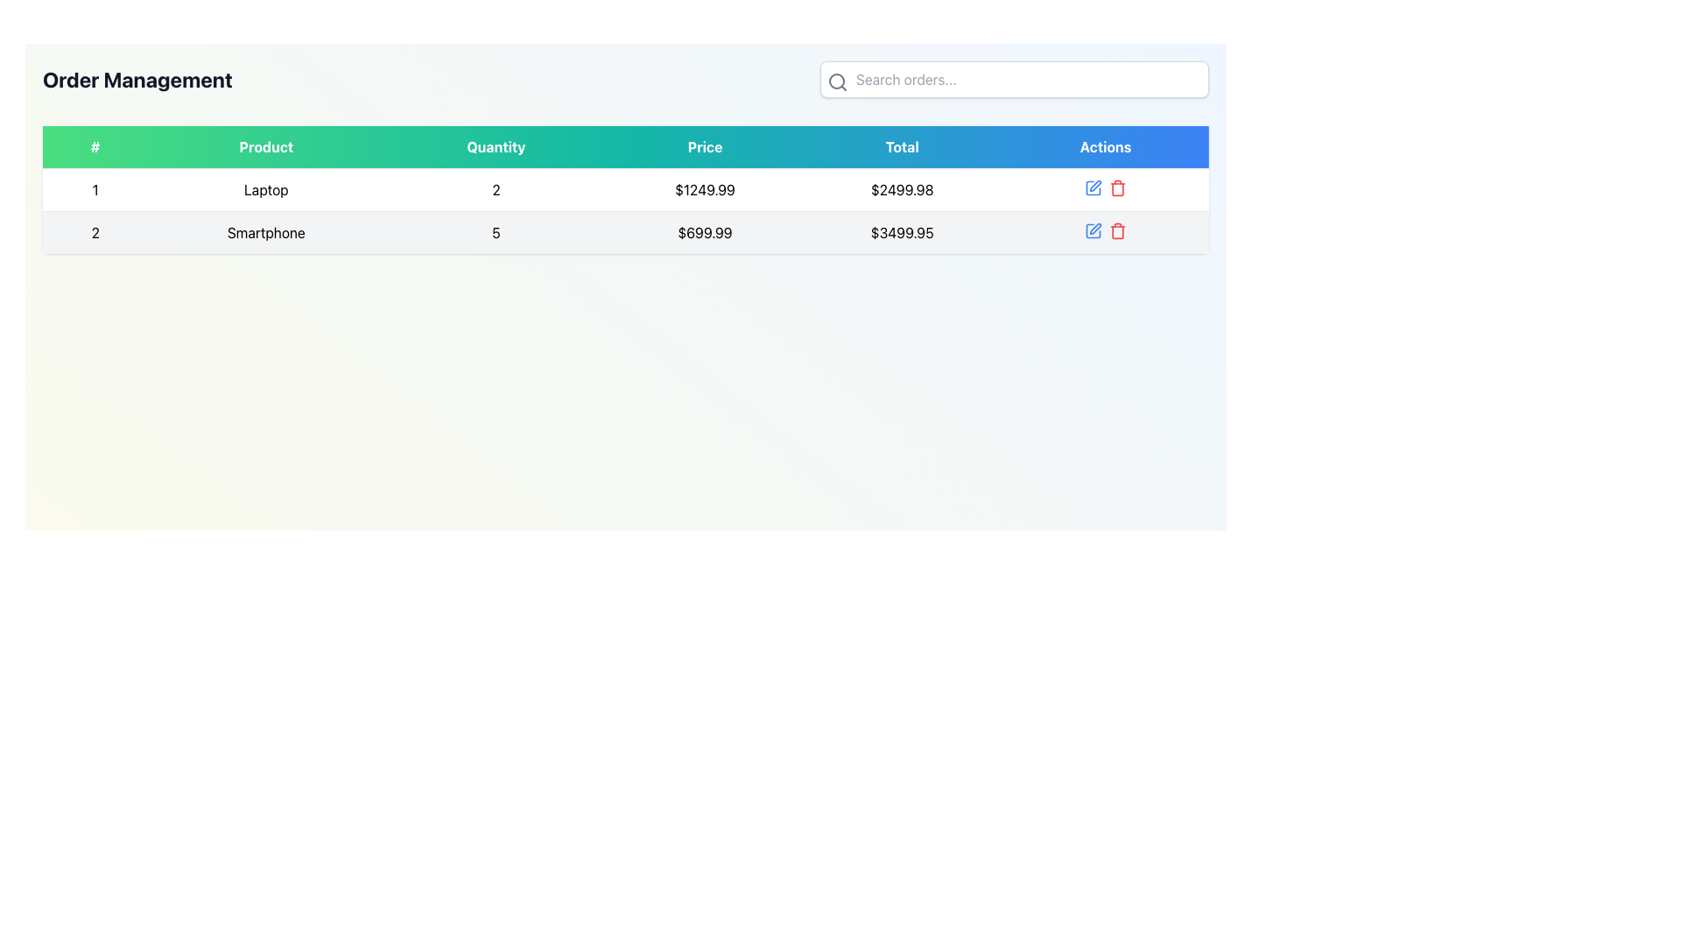 The image size is (1681, 946). What do you see at coordinates (95, 189) in the screenshot?
I see `the black numerical text '1' located in the first cell of the first row under the '#' column of the table` at bounding box center [95, 189].